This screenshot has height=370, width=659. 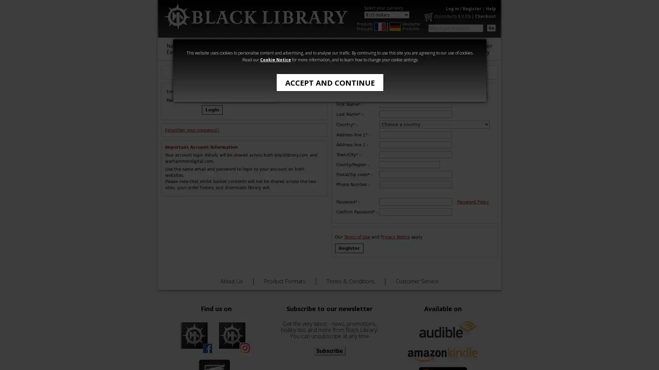 I want to click on Register, so click(x=349, y=248).